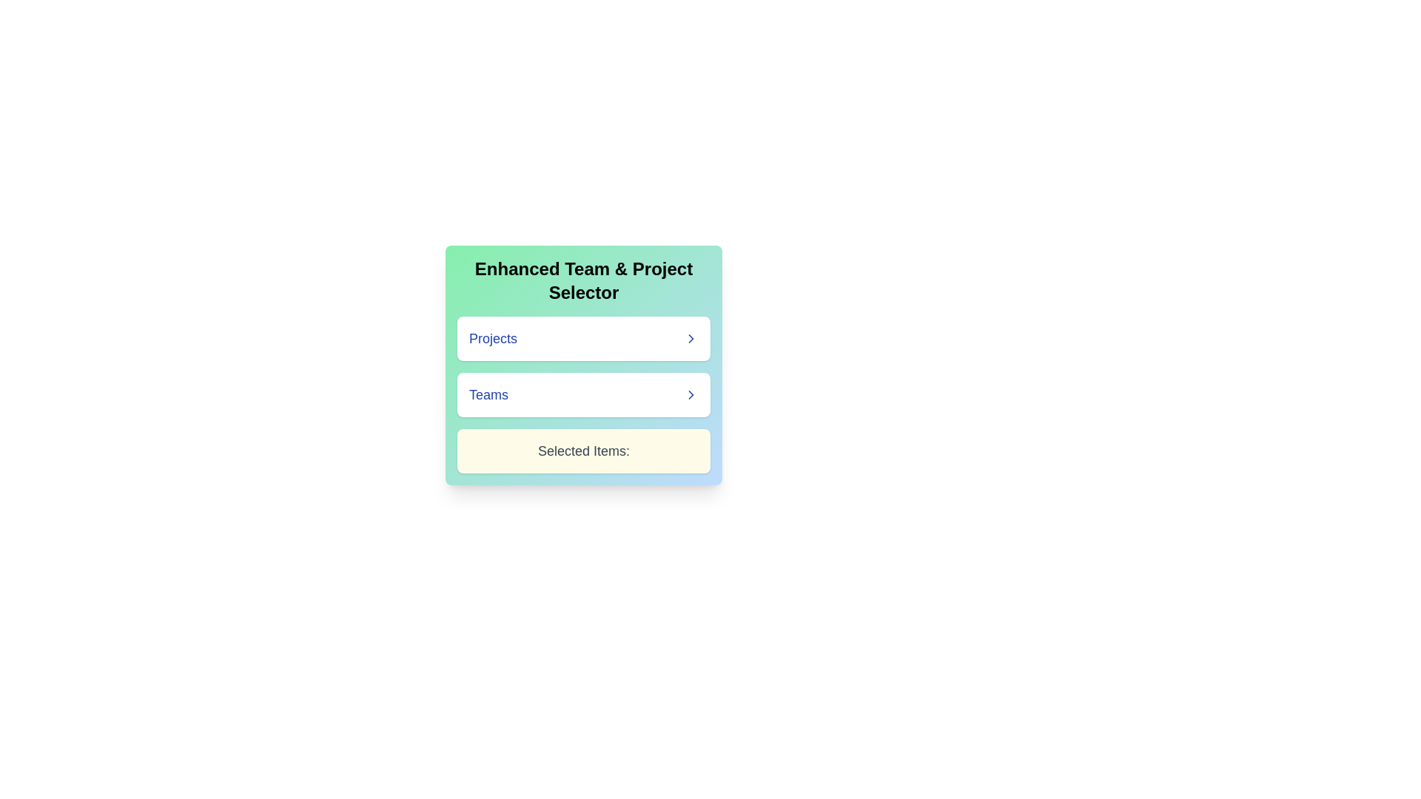 The height and width of the screenshot is (799, 1421). Describe the element at coordinates (691, 339) in the screenshot. I see `the rightward-facing chevron icon located immediately to the right of the 'Projects' label` at that location.